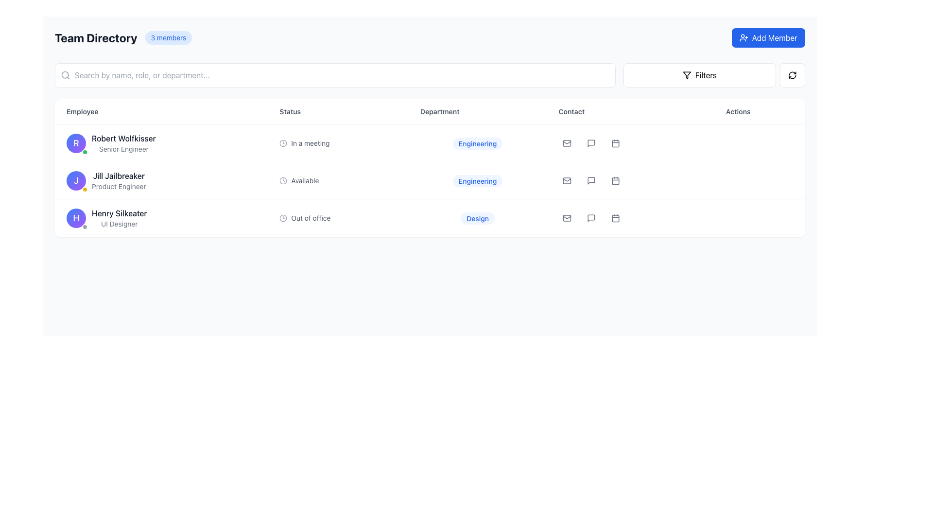 This screenshot has width=933, height=525. I want to click on the downward-pointing funnel-shaped graphic of the filter icon located in the top search bar, so click(686, 74).